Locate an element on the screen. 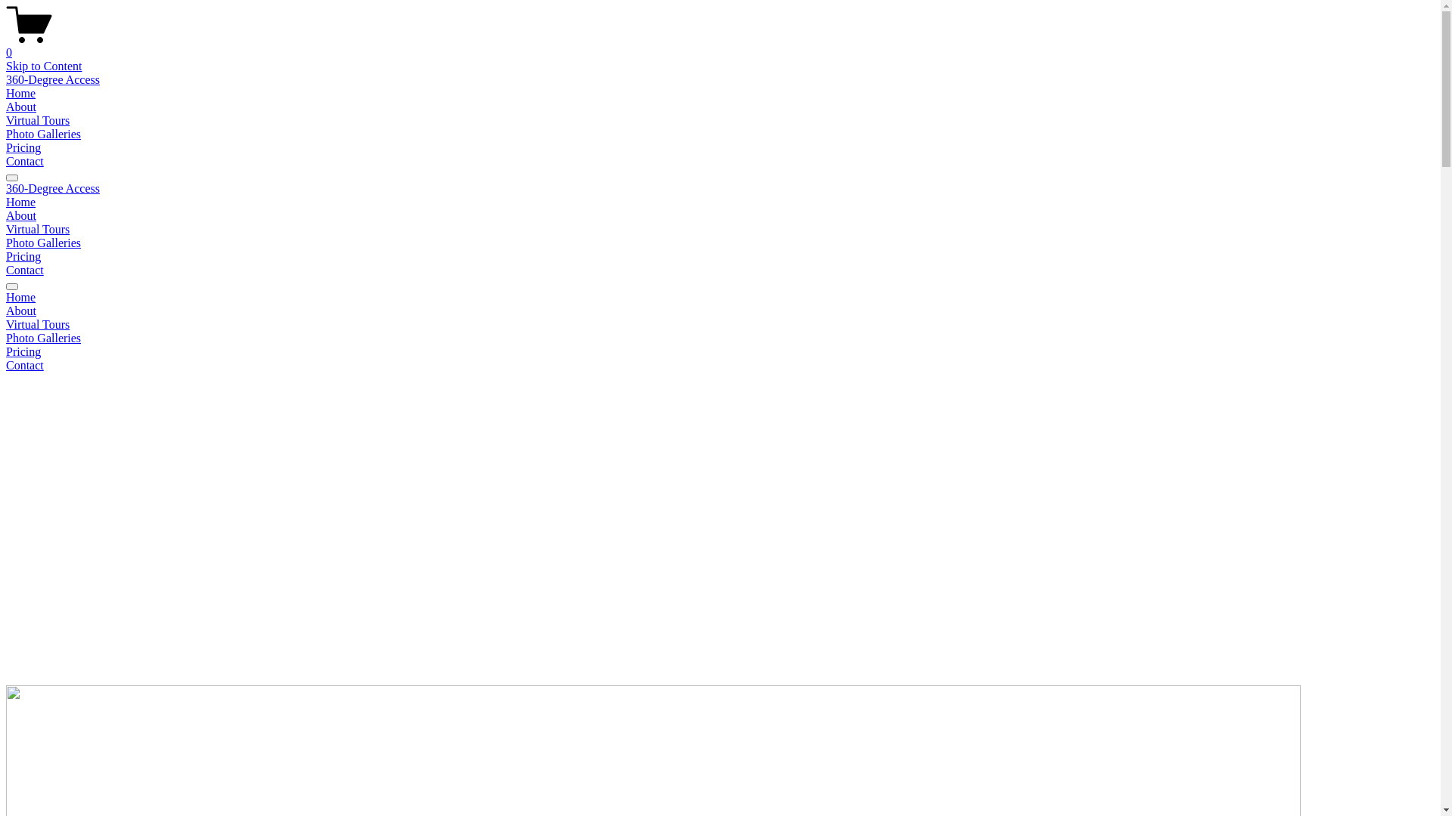  'Pricing' is located at coordinates (719, 352).